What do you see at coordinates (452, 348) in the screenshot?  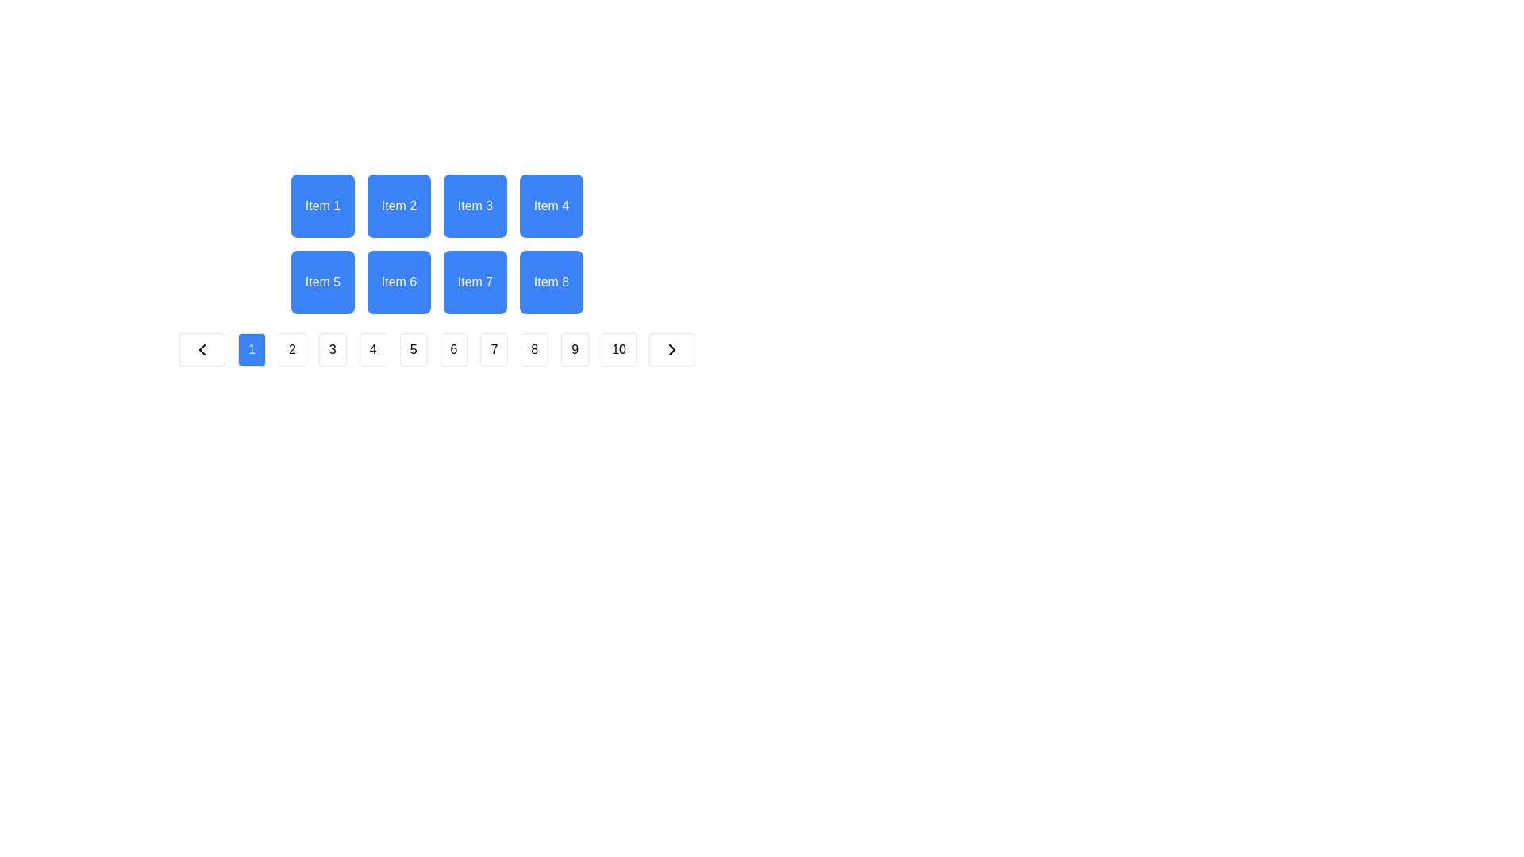 I see `the pagination button labeled '6' located centrally in the row of pagination buttons below the grid of blue item cards` at bounding box center [452, 348].